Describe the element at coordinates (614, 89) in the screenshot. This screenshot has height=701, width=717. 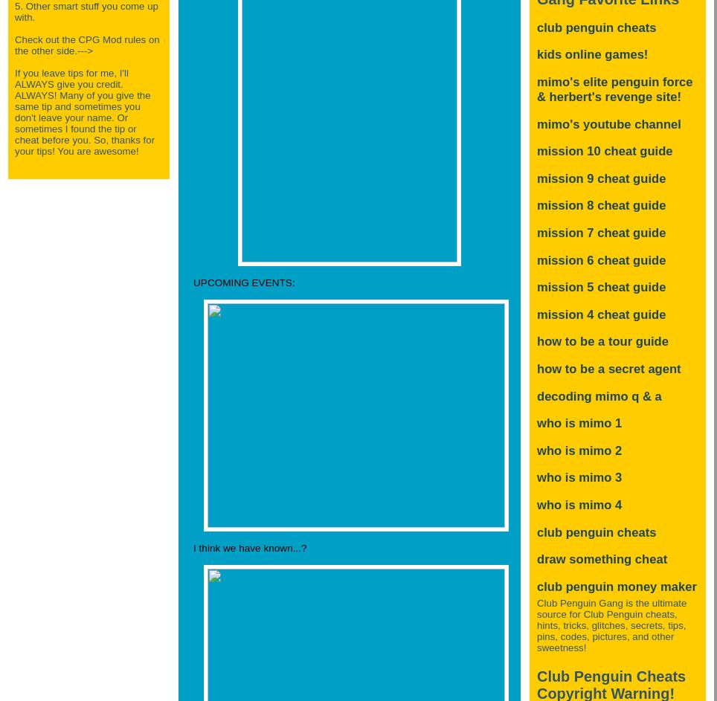
I see `'Mimo's Elite Penguin Force & Herbert's Revenge Site!'` at that location.